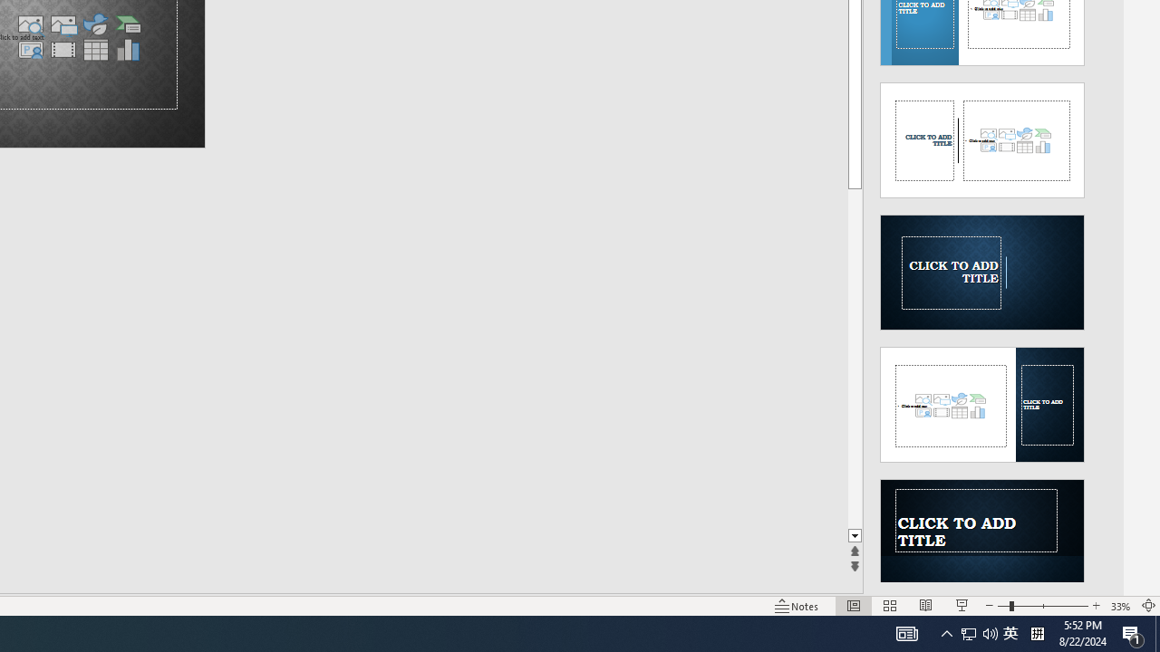 The height and width of the screenshot is (652, 1160). I want to click on 'Zoom', so click(1042, 606).